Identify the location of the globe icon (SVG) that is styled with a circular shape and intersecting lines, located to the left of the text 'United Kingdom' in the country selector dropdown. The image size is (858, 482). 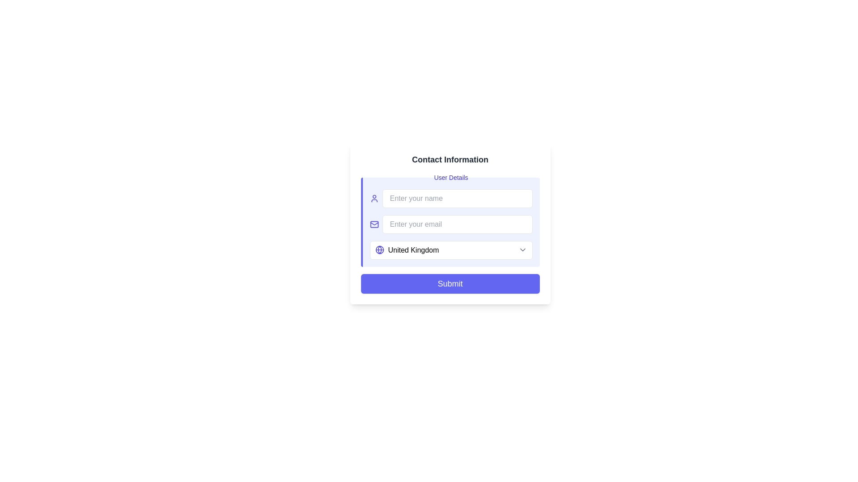
(379, 249).